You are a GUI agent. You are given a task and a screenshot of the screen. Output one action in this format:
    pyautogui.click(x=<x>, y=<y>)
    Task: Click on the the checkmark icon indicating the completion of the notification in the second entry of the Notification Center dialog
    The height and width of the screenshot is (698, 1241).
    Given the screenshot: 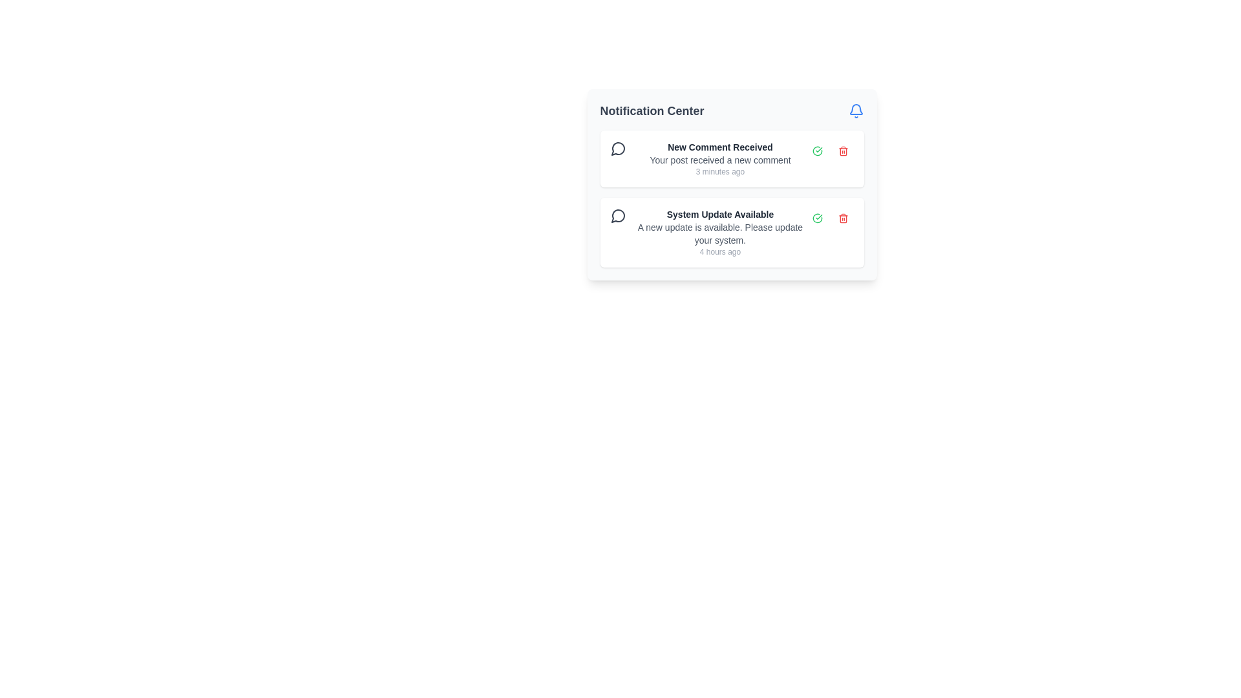 What is the action you would take?
    pyautogui.click(x=816, y=151)
    